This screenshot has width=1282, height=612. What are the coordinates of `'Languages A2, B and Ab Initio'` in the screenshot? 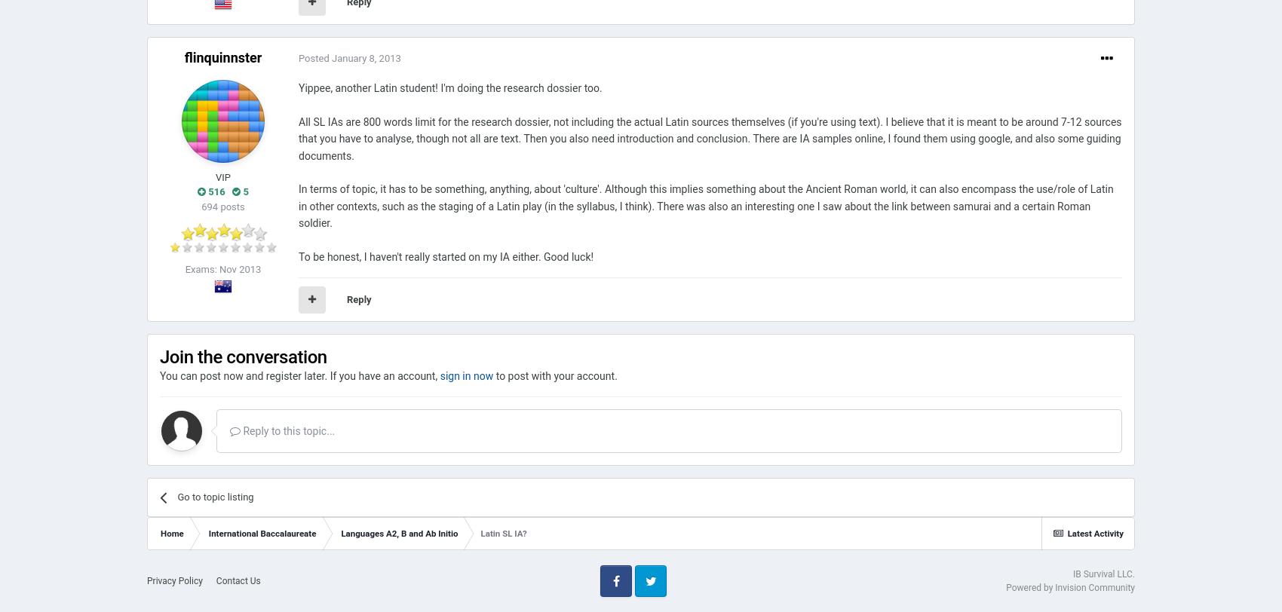 It's located at (341, 533).